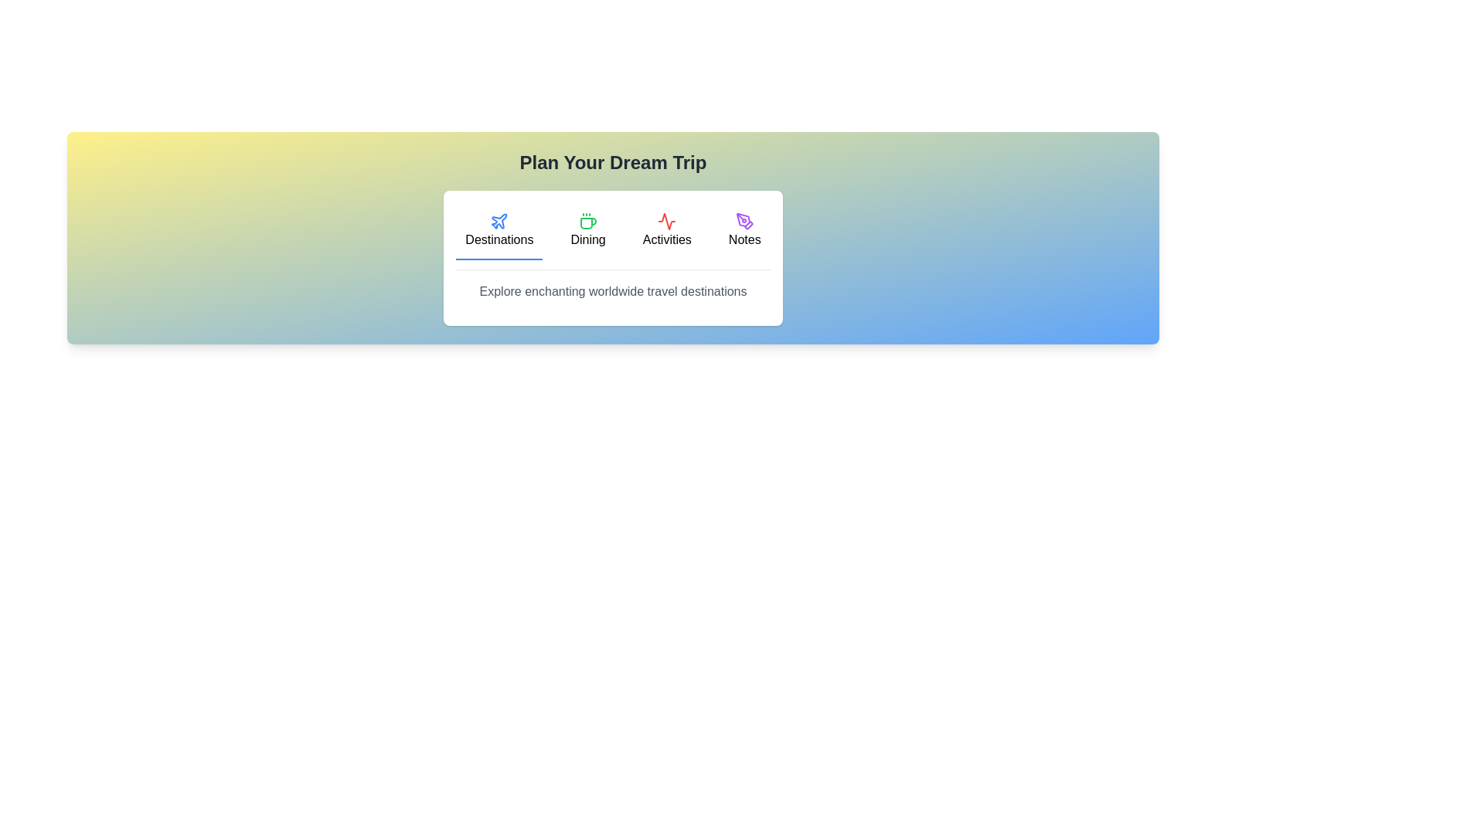 This screenshot has width=1484, height=834. Describe the element at coordinates (499, 232) in the screenshot. I see `the tab labeled Destinations` at that location.